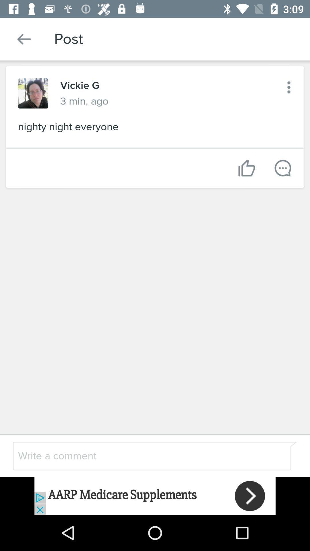 The image size is (310, 551). What do you see at coordinates (33, 93) in the screenshot?
I see `profile photo` at bounding box center [33, 93].